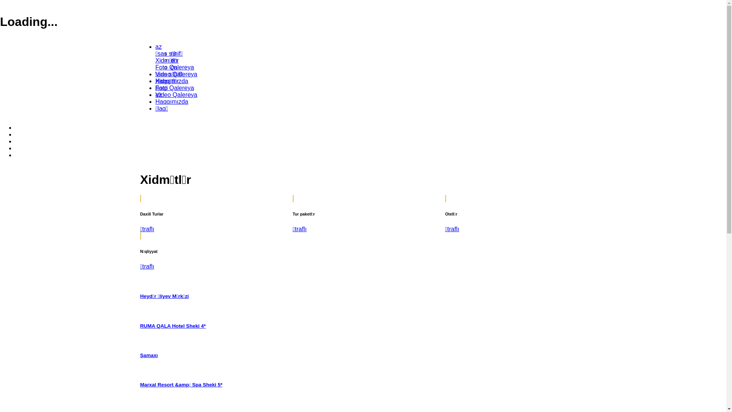 The width and height of the screenshot is (732, 412). Describe the element at coordinates (155, 67) in the screenshot. I see `'Foto Qalereya'` at that location.